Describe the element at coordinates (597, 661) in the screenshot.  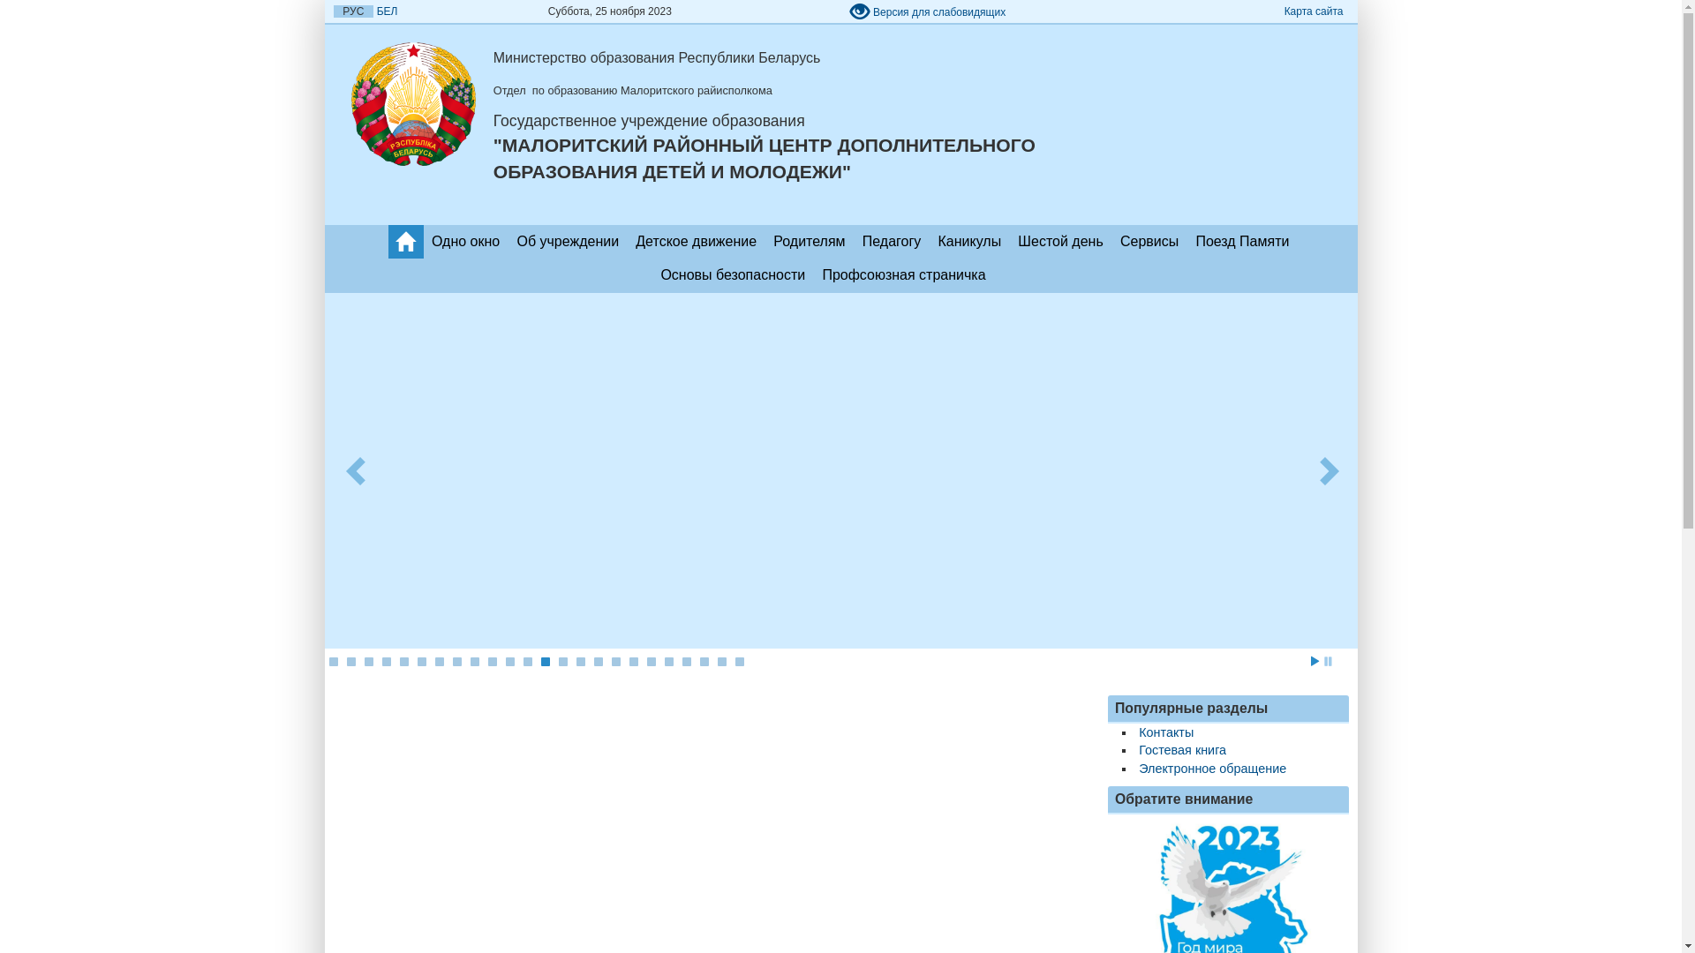
I see `'16'` at that location.